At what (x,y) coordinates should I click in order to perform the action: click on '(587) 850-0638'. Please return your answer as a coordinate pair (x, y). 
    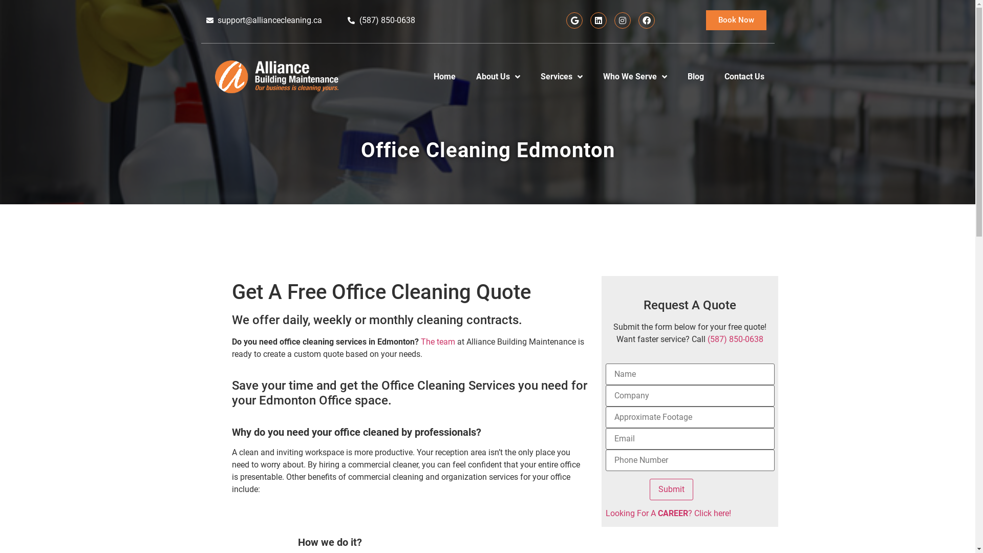
    Looking at the image, I should click on (347, 20).